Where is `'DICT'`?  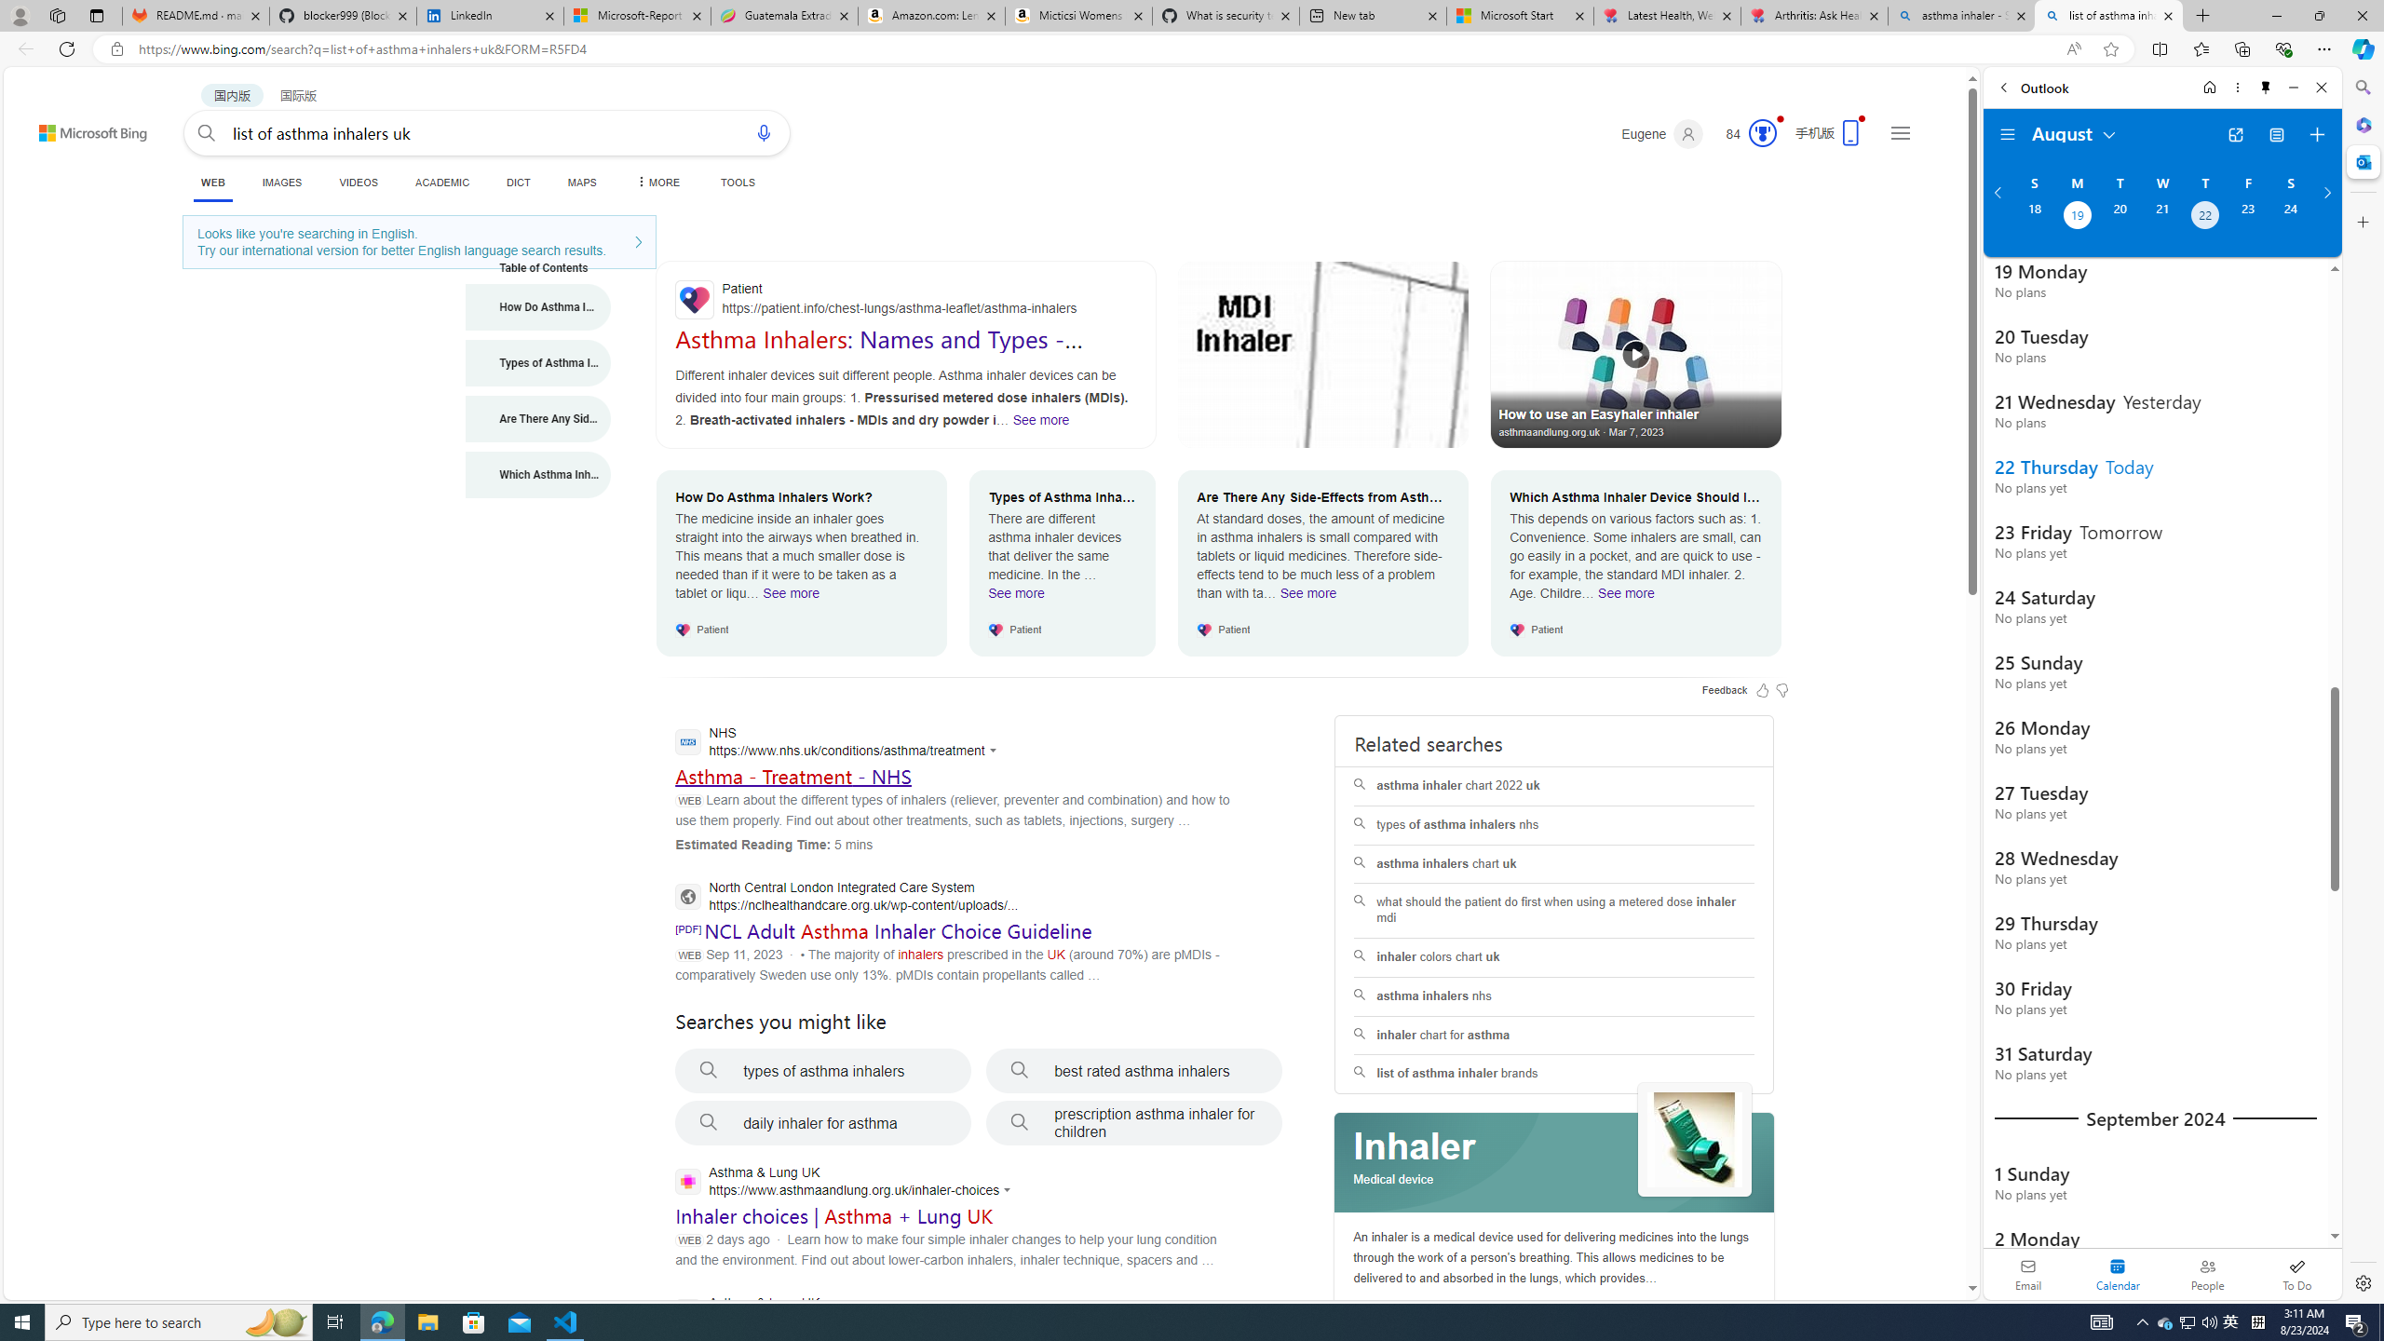
'DICT' is located at coordinates (517, 182).